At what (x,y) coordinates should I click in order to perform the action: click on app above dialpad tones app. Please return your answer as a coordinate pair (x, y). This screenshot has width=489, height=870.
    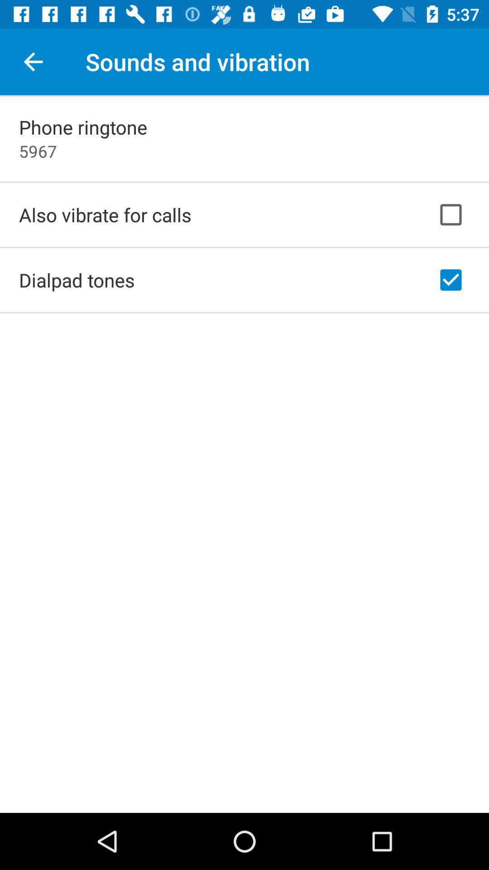
    Looking at the image, I should click on (105, 214).